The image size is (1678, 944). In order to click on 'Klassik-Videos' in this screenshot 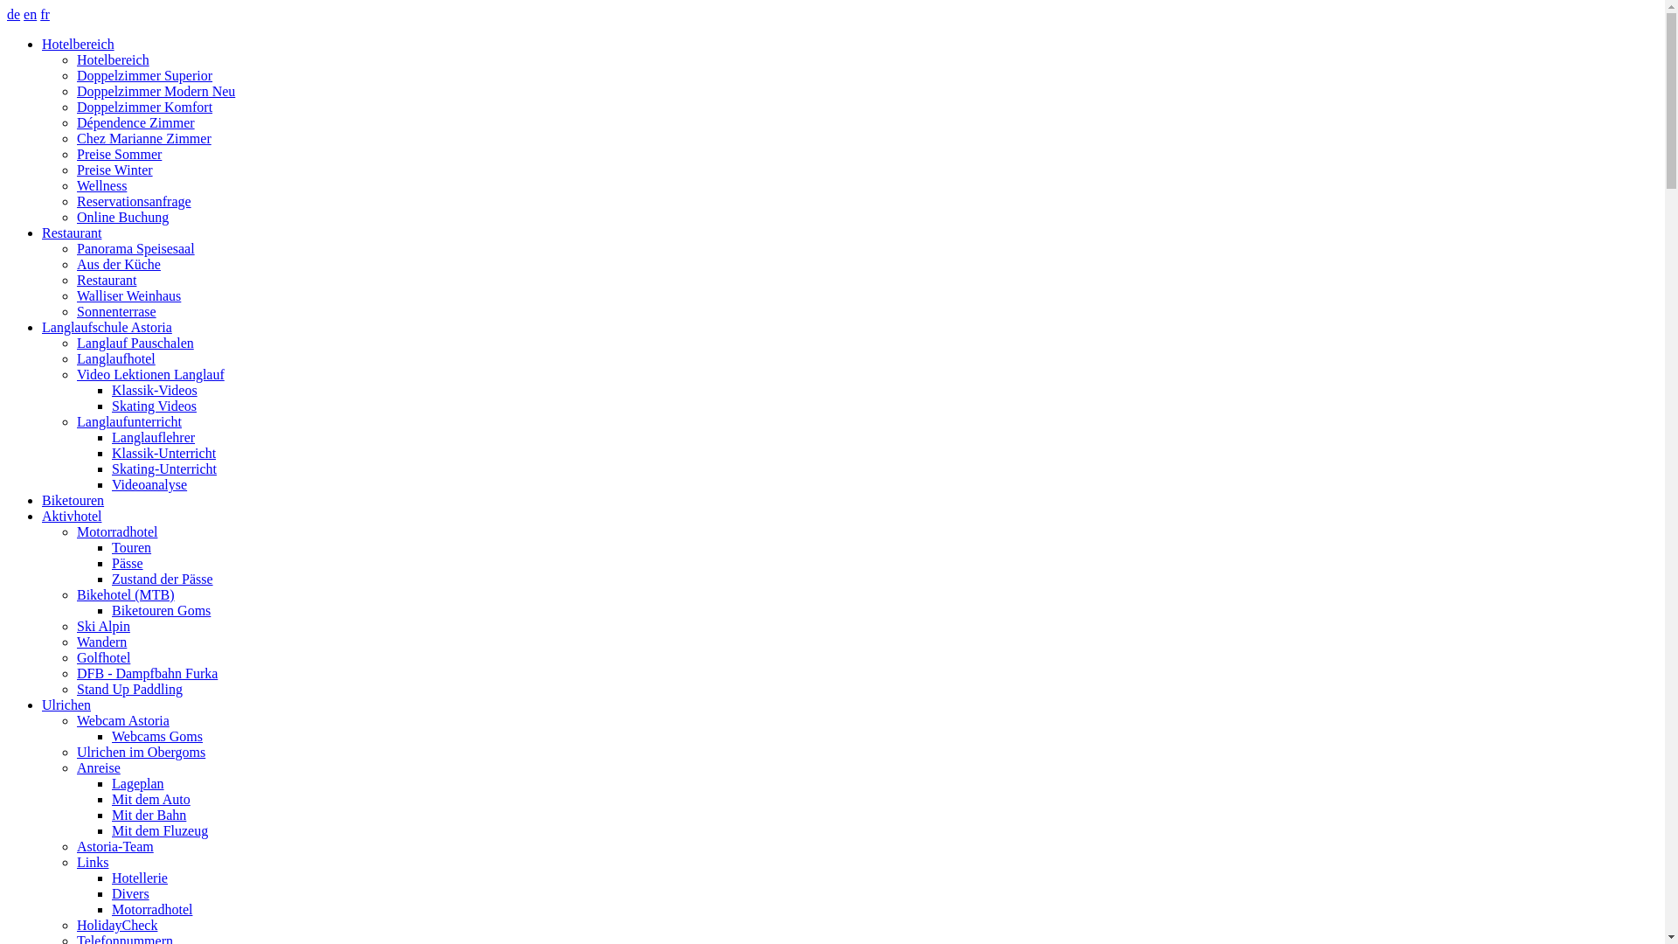, I will do `click(155, 389)`.